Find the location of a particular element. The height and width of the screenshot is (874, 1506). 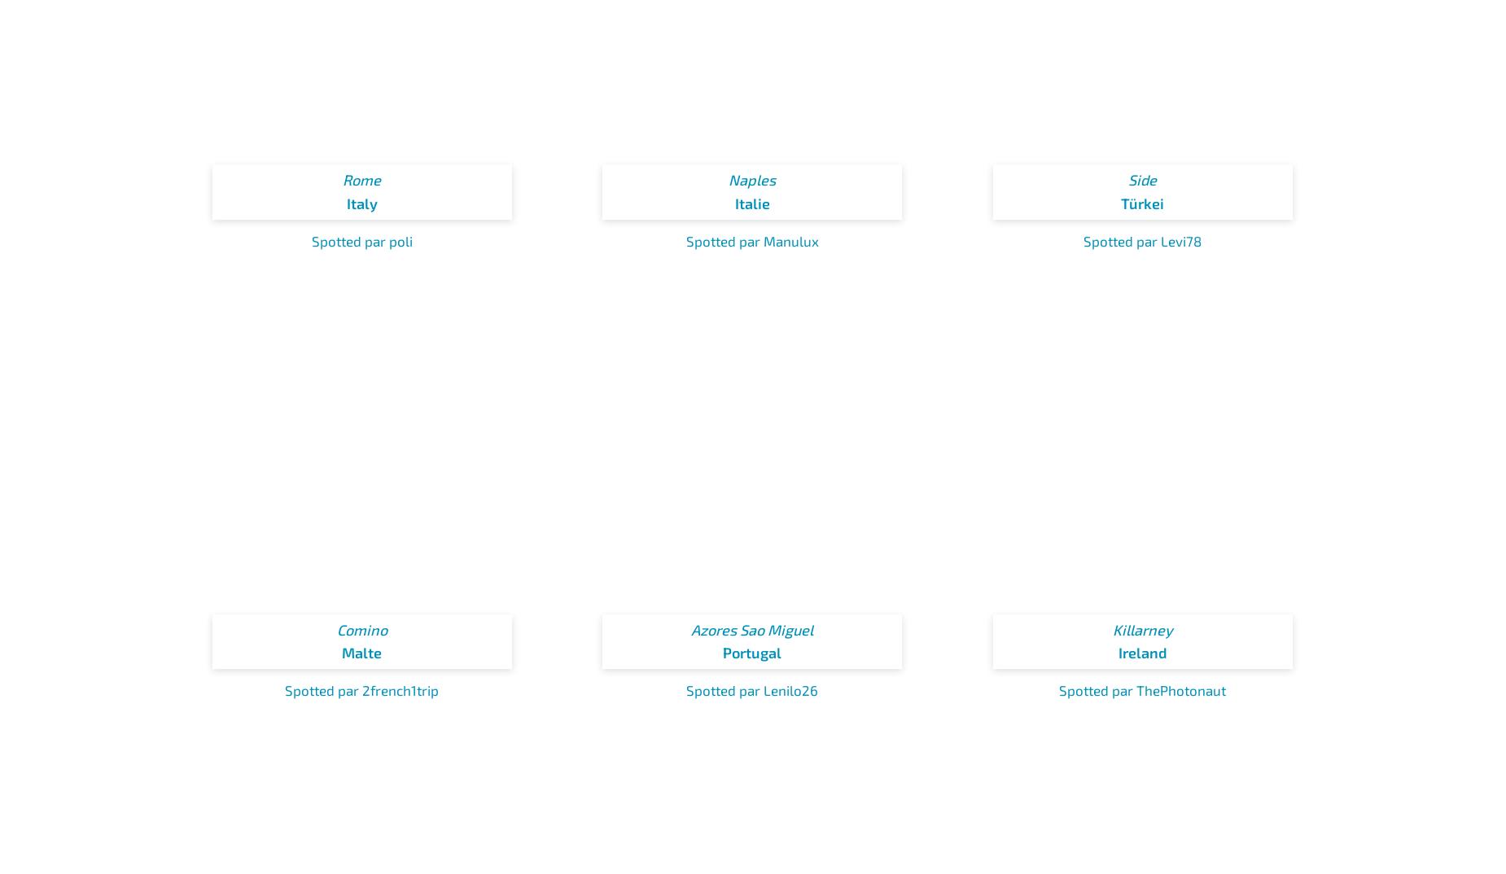

'Spotted par Levi78' is located at coordinates (1142, 240).